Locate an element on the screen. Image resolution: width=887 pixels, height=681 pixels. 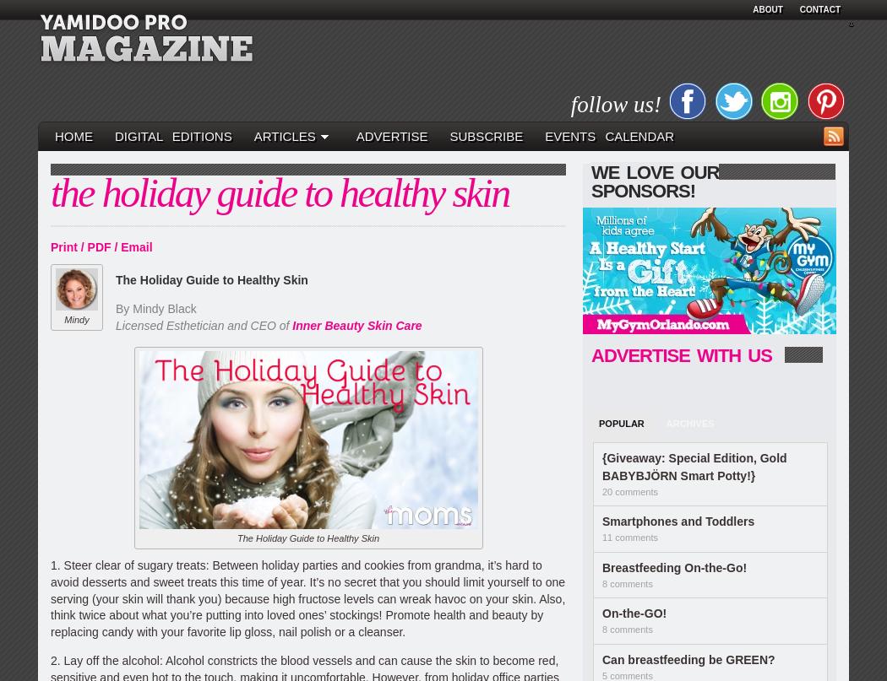
'Licensed Esthetician and CEO of' is located at coordinates (204, 325).